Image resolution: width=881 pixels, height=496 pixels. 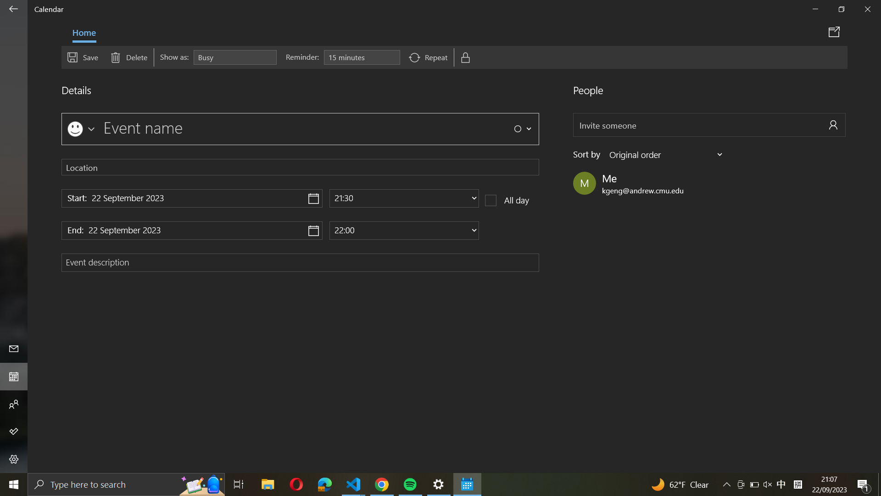 I want to click on Adjust the event"s finishing time to 10:00 AM, so click(x=404, y=230).